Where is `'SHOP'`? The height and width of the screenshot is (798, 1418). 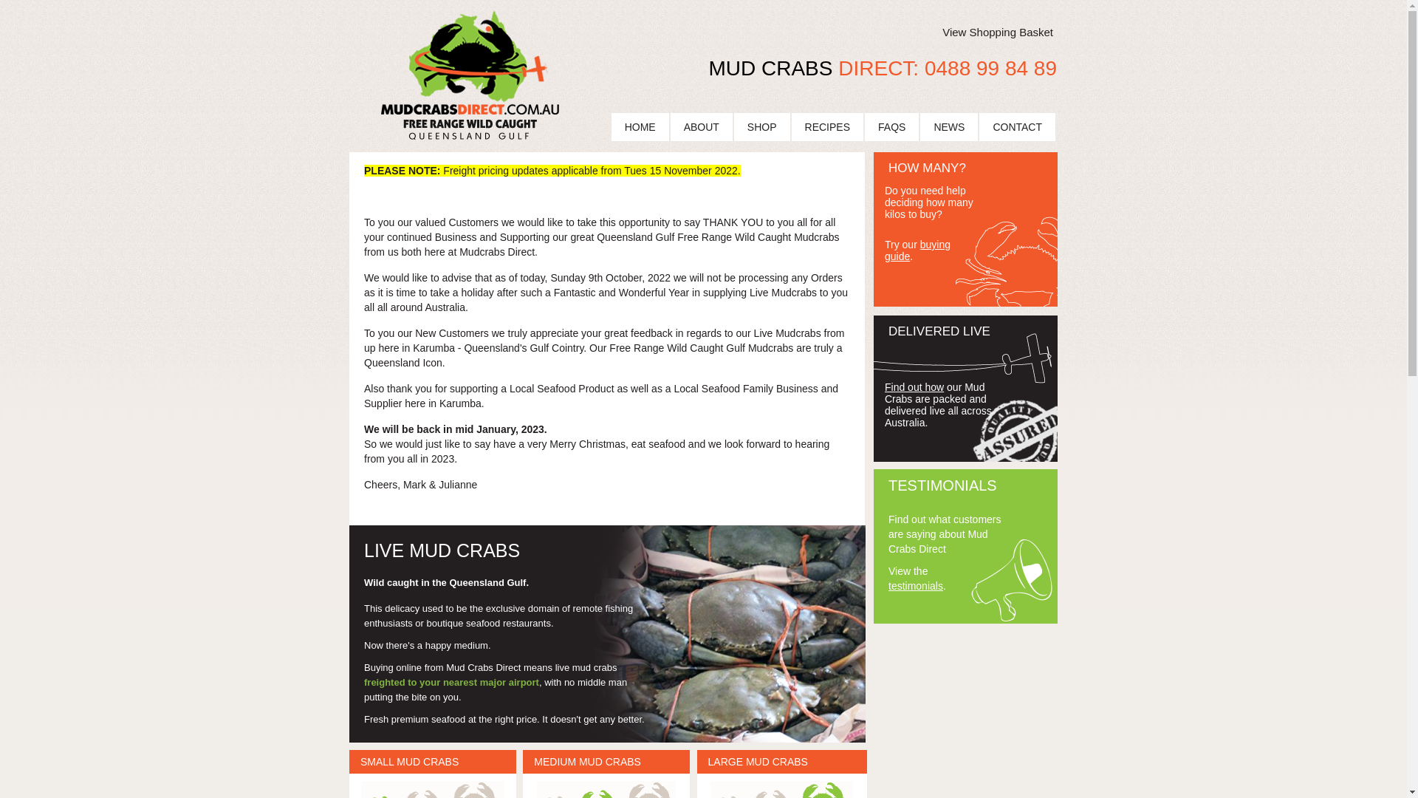 'SHOP' is located at coordinates (762, 126).